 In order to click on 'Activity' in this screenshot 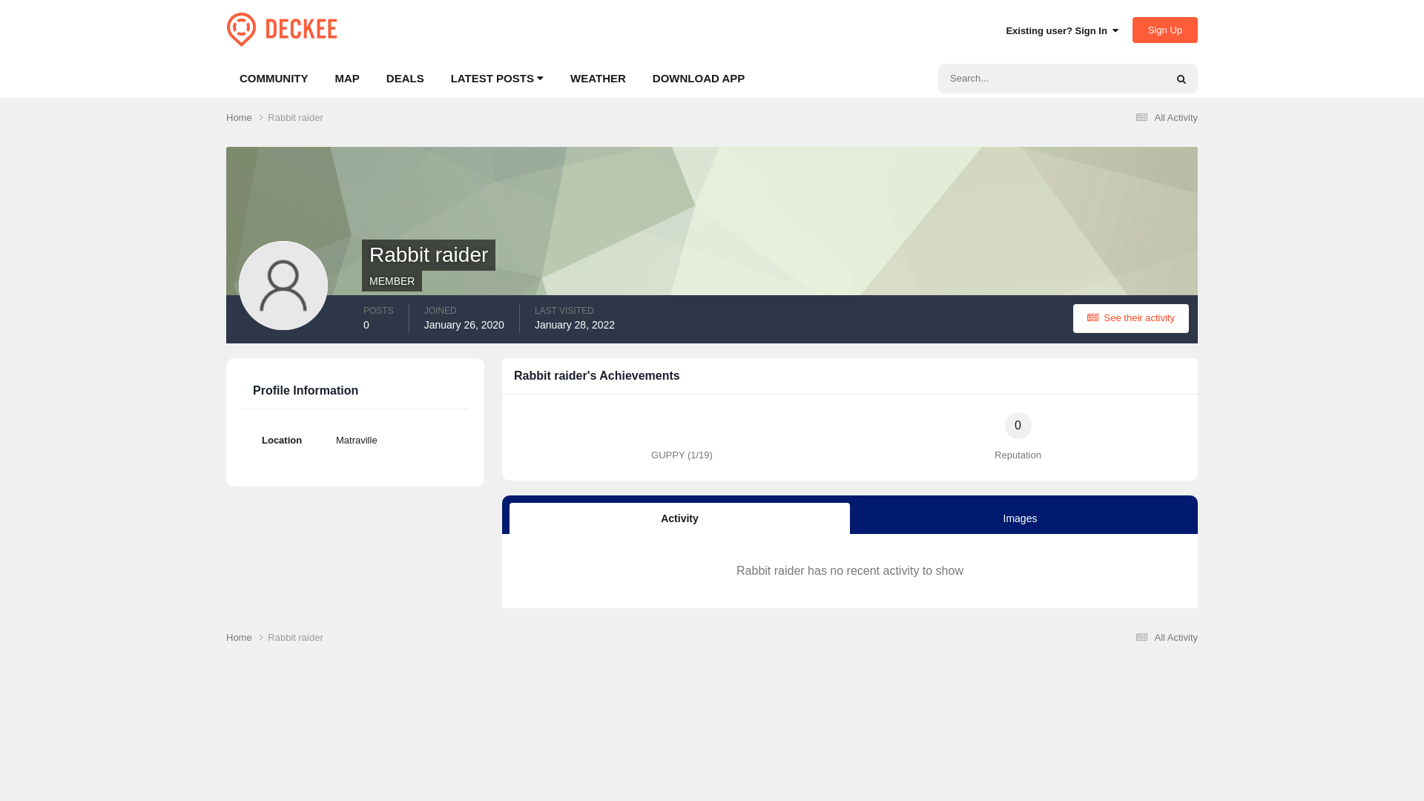, I will do `click(509, 517)`.